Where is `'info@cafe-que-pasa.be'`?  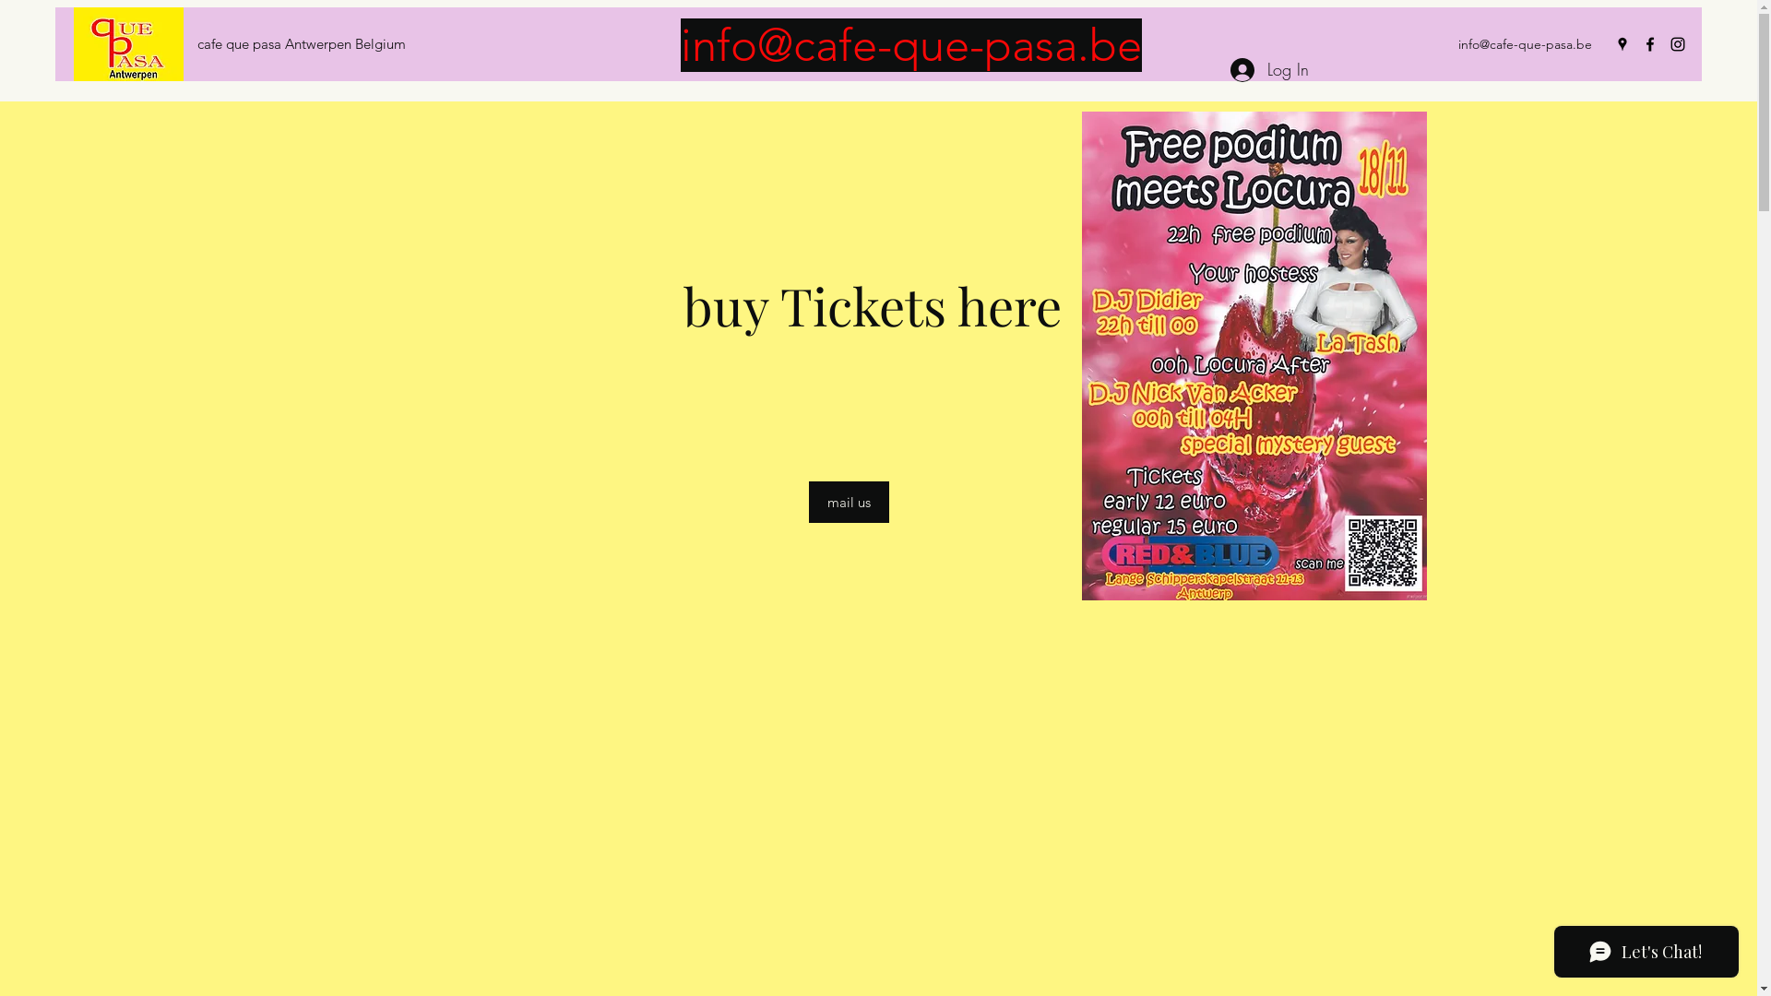 'info@cafe-que-pasa.be' is located at coordinates (1525, 42).